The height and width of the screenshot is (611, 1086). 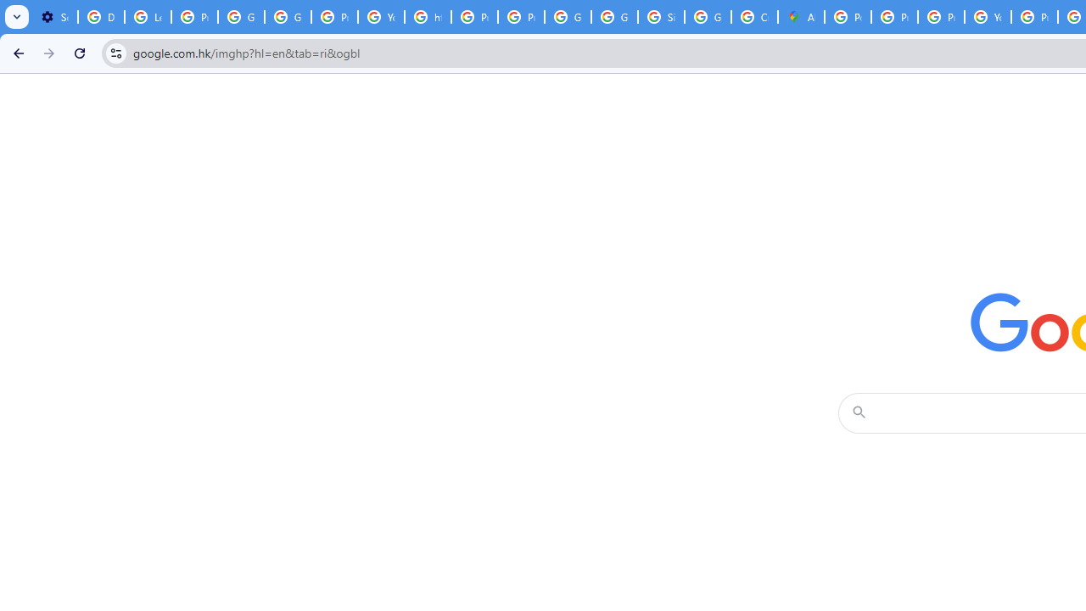 What do you see at coordinates (848, 17) in the screenshot?
I see `'Policy Accountability and Transparency - Transparency Center'` at bounding box center [848, 17].